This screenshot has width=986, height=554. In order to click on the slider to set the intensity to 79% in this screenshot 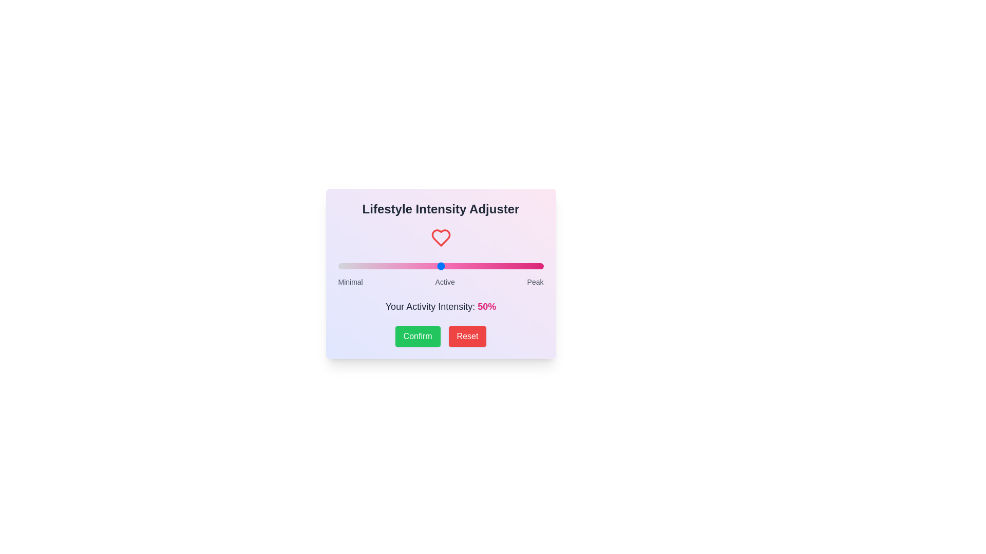, I will do `click(500, 266)`.